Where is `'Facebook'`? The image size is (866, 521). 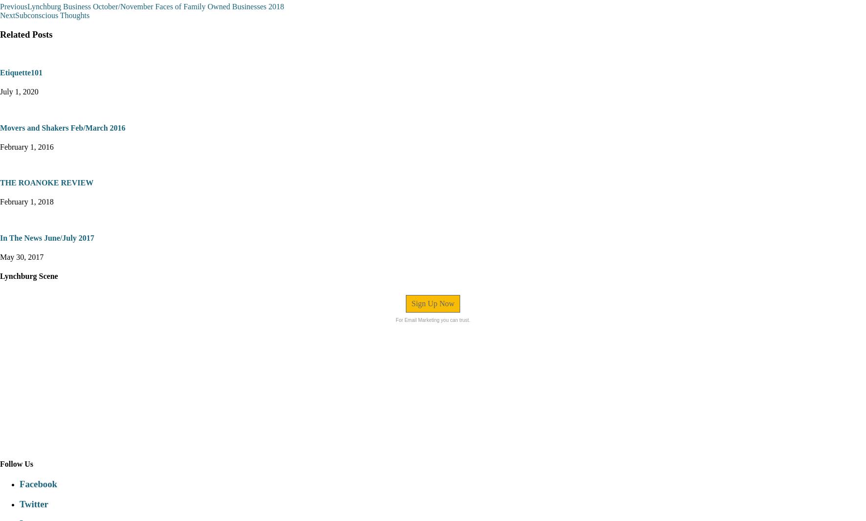 'Facebook' is located at coordinates (37, 483).